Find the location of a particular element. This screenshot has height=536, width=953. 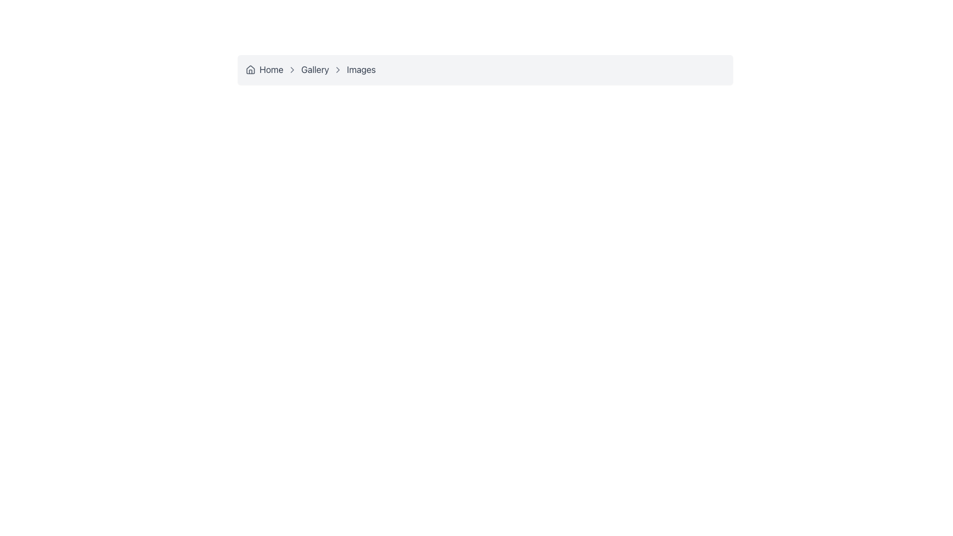

the small house icon in the breadcrumb navigation bar is located at coordinates (250, 69).